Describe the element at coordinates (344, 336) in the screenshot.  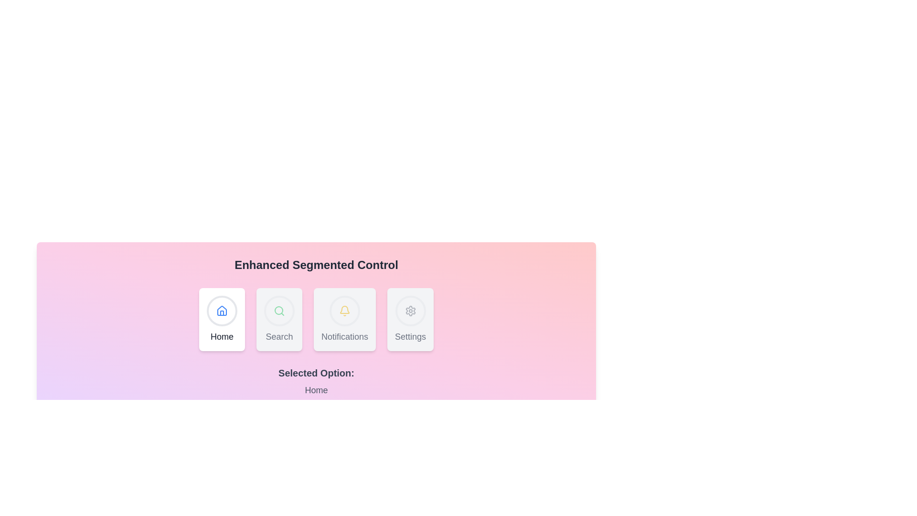
I see `the notifications label located at the bottom center of the segmented control interface` at that location.